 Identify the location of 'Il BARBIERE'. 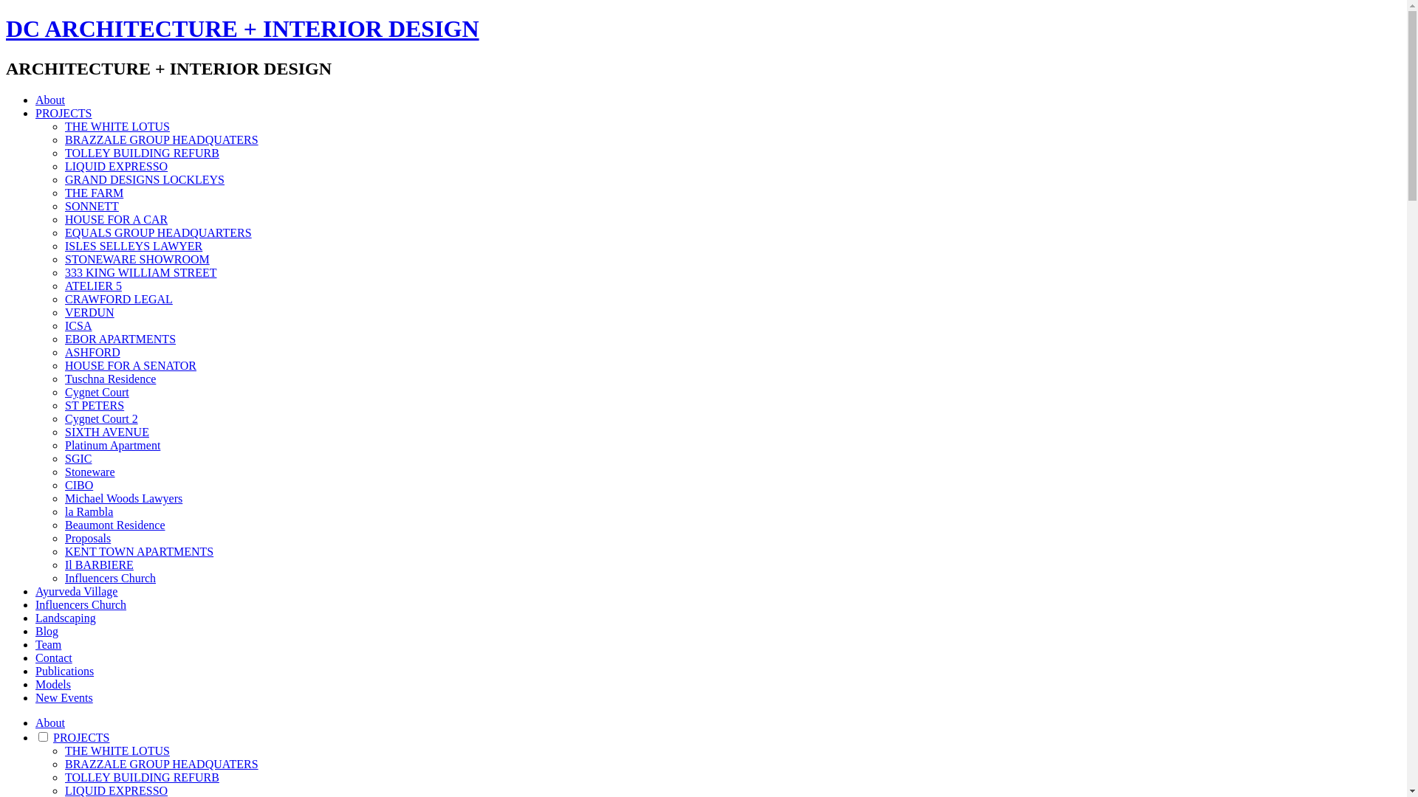
(98, 565).